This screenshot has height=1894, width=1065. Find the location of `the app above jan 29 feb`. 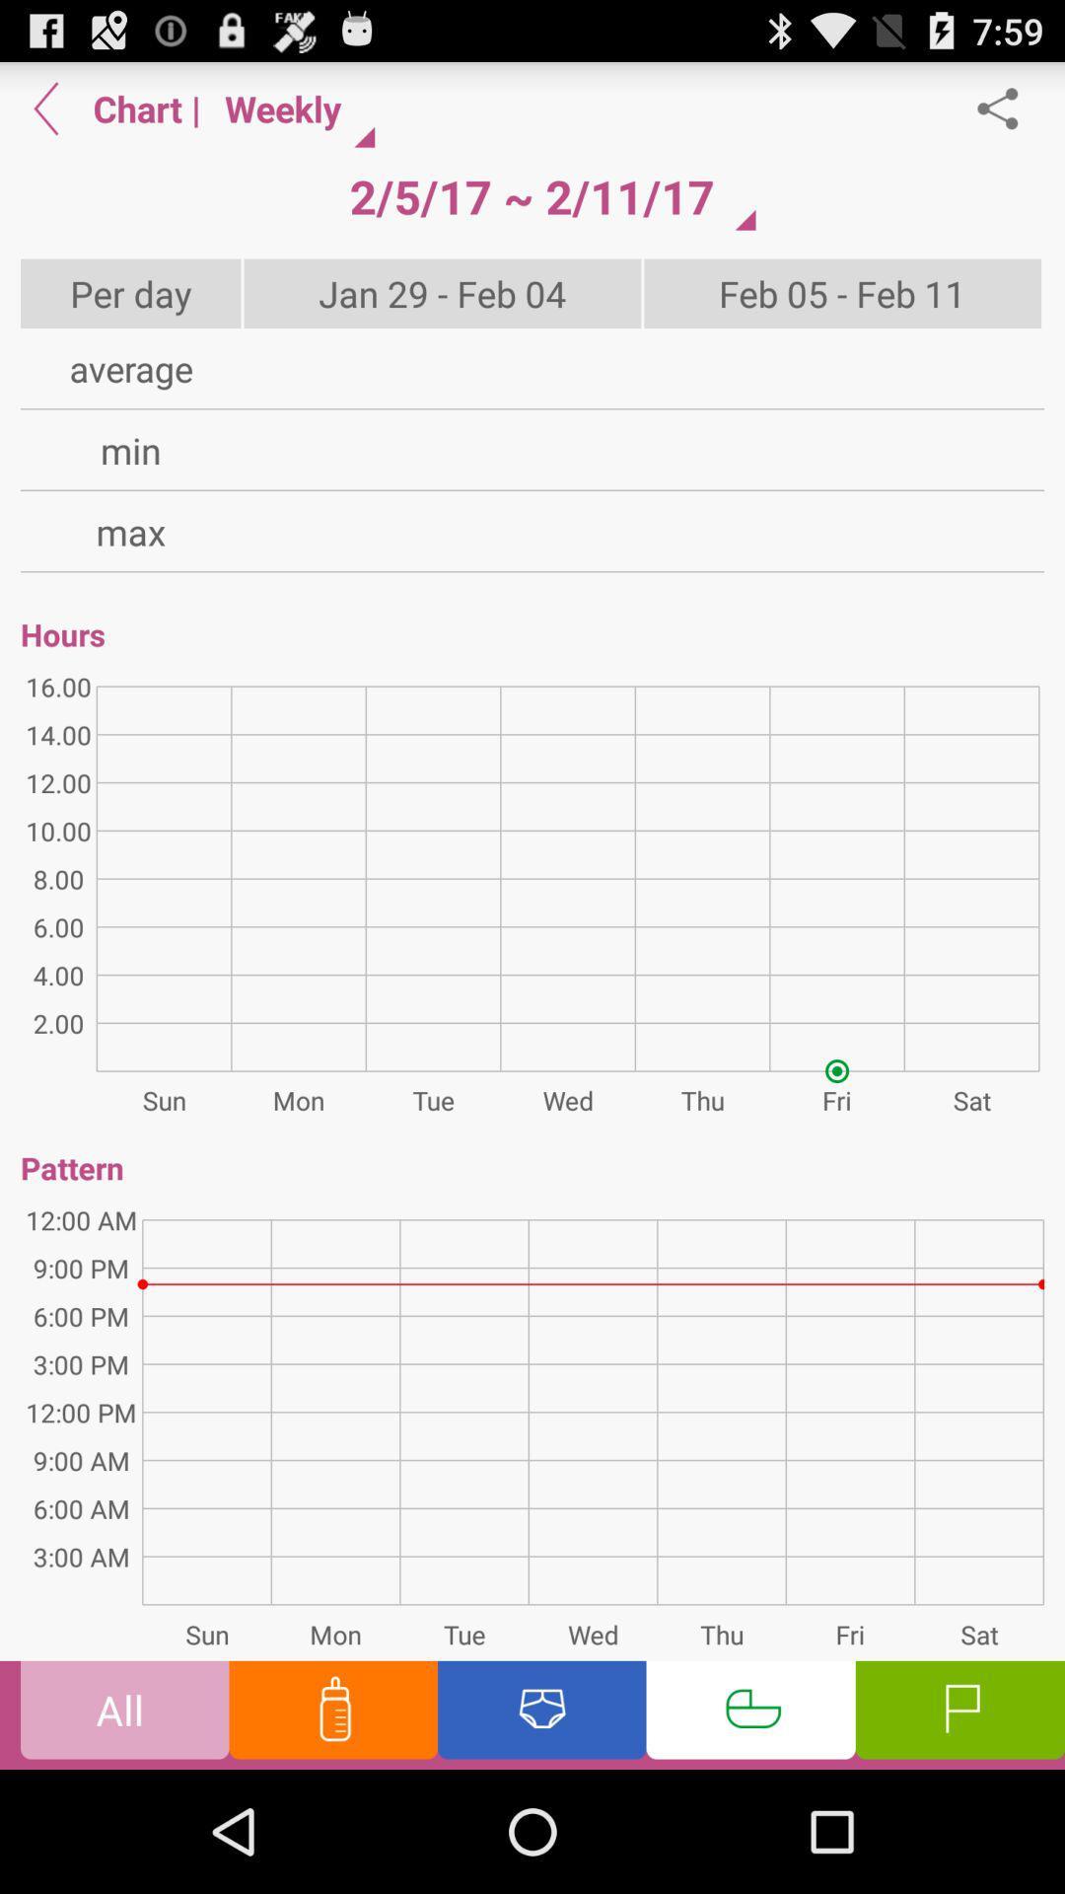

the app above jan 29 feb is located at coordinates (531, 196).